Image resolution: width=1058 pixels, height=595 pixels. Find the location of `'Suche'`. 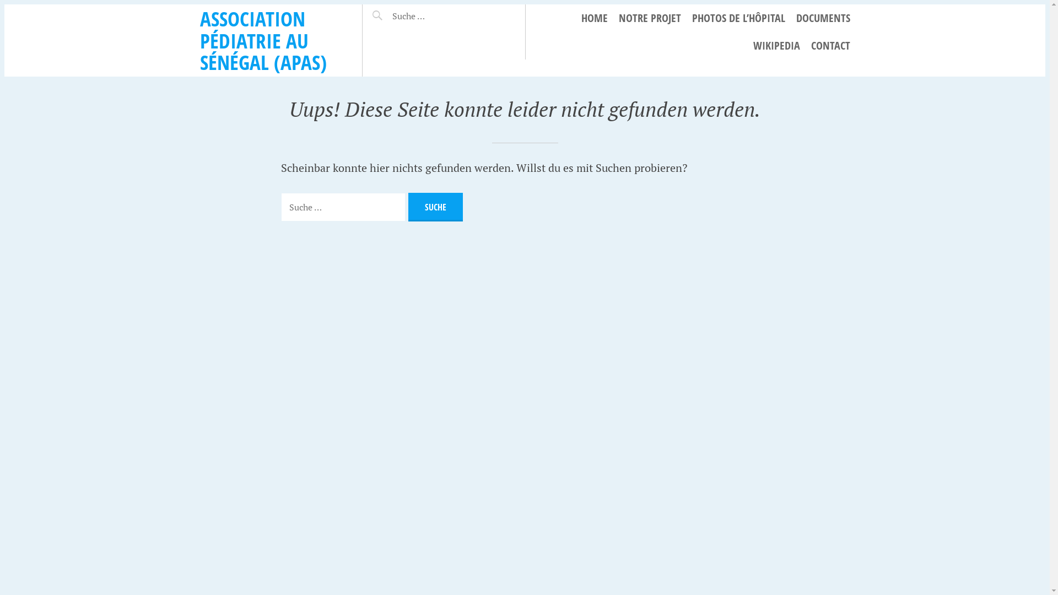

'Suche' is located at coordinates (435, 207).